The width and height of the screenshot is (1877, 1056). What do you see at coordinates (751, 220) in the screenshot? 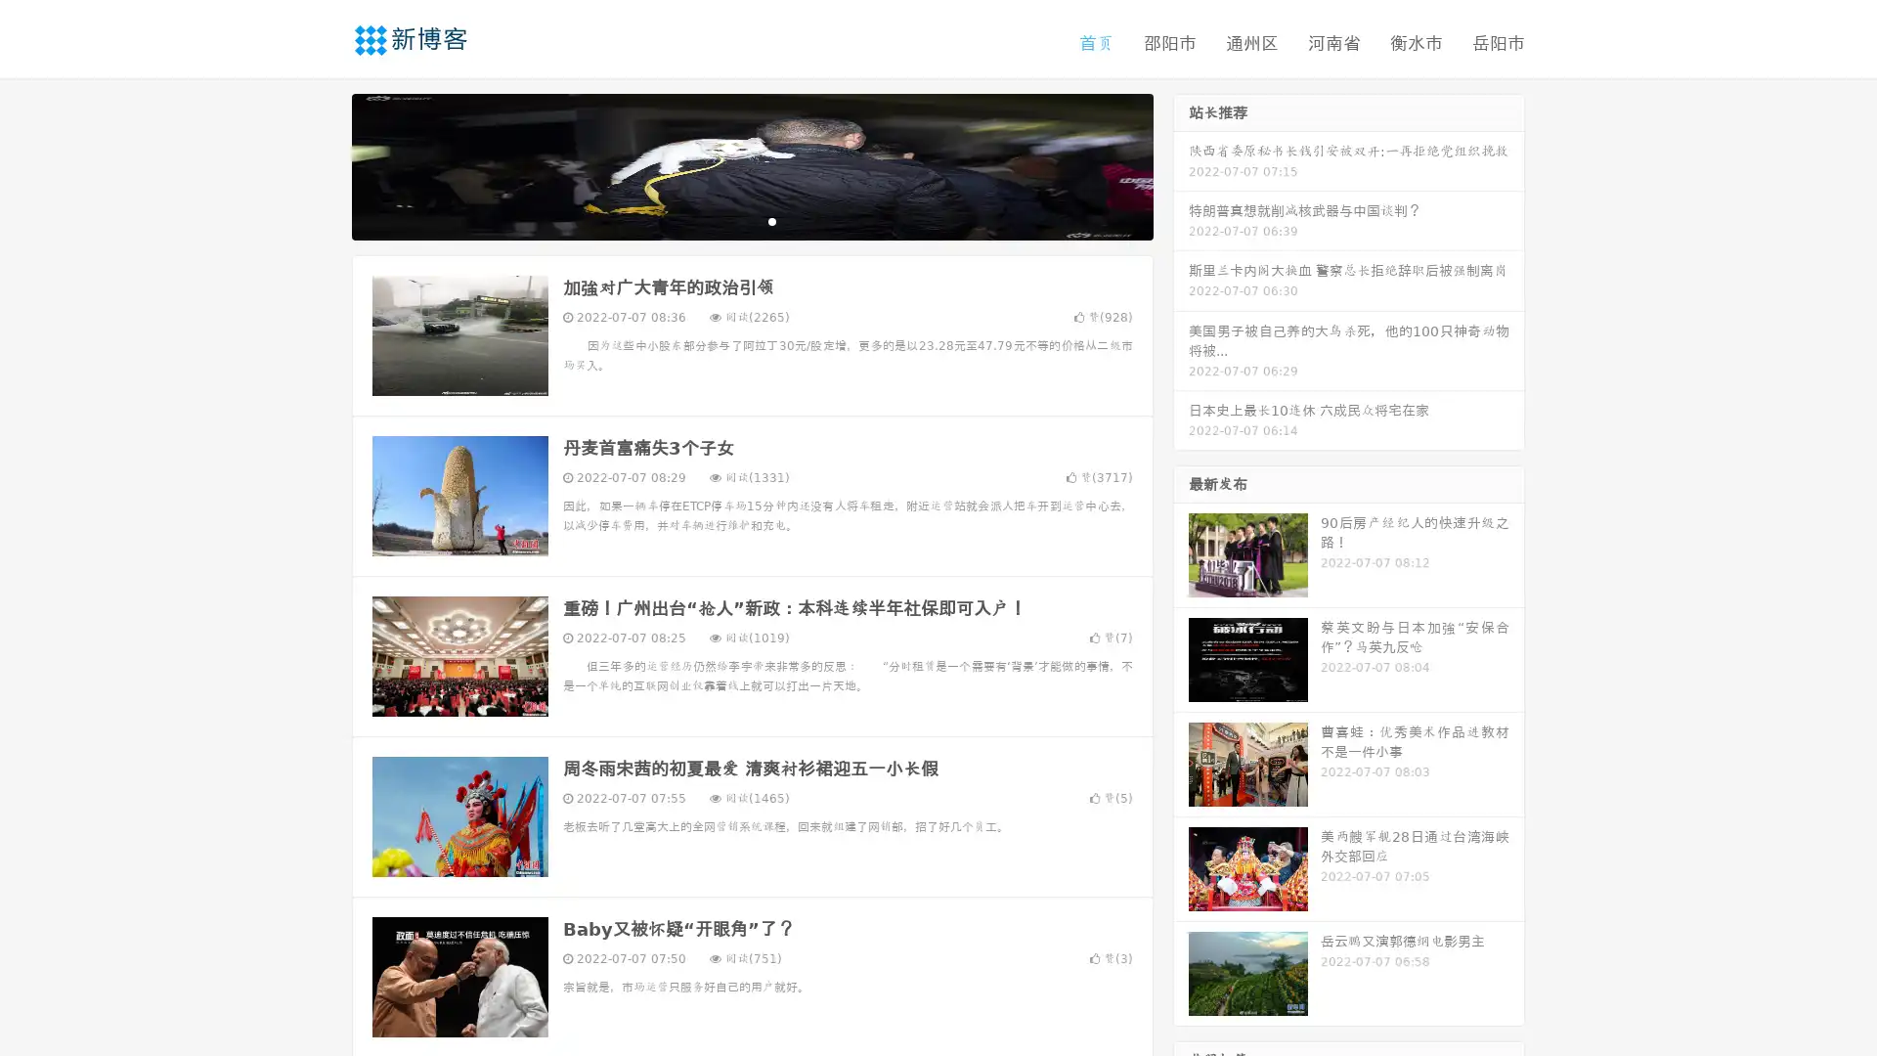
I see `Go to slide 2` at bounding box center [751, 220].